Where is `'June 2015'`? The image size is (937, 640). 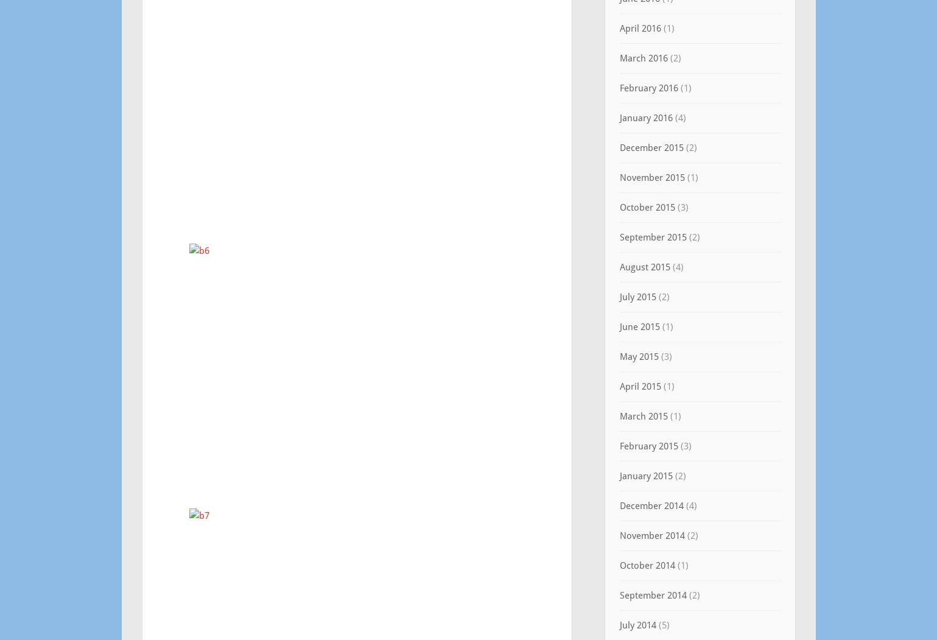
'June 2015' is located at coordinates (639, 326).